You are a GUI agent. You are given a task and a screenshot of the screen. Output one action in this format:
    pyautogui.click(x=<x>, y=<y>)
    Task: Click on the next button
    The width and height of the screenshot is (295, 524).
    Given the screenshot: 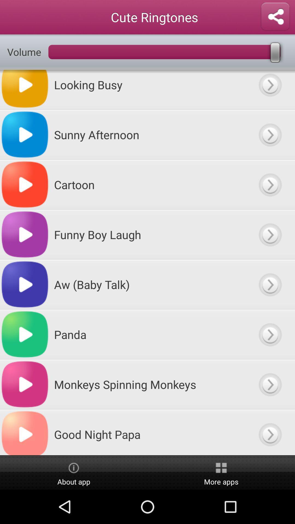 What is the action you would take?
    pyautogui.click(x=270, y=384)
    